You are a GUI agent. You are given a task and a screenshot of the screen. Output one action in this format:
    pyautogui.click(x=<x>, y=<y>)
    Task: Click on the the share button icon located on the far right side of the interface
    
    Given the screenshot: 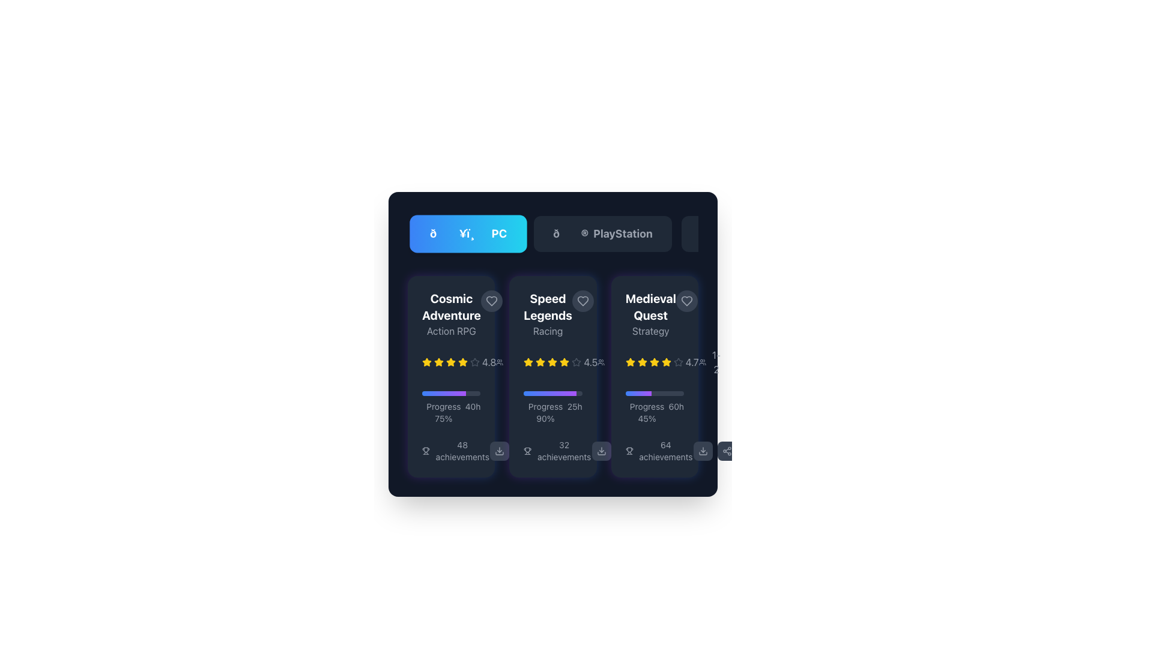 What is the action you would take?
    pyautogui.click(x=524, y=451)
    